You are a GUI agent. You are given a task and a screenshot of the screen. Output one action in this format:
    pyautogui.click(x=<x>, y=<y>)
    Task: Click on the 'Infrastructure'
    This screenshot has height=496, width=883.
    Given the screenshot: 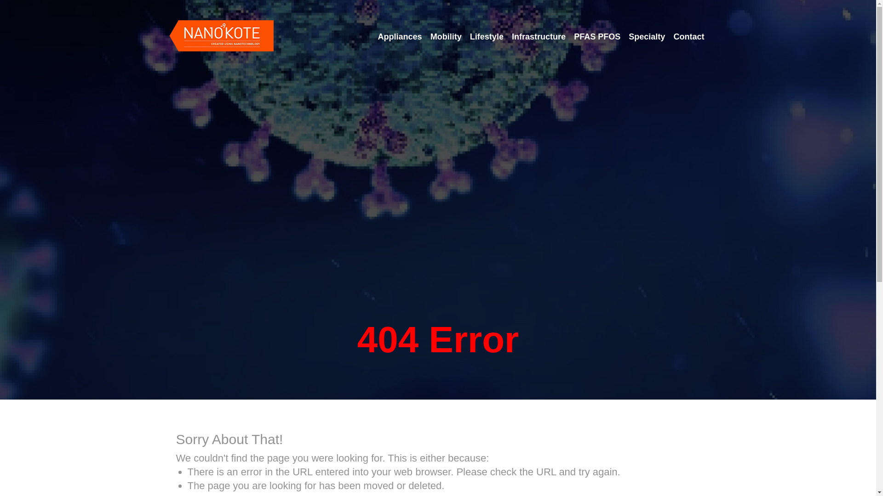 What is the action you would take?
    pyautogui.click(x=509, y=36)
    